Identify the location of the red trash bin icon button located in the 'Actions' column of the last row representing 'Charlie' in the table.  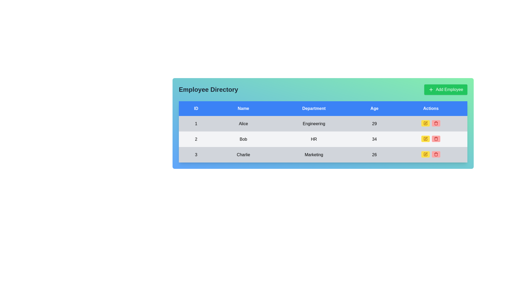
(436, 154).